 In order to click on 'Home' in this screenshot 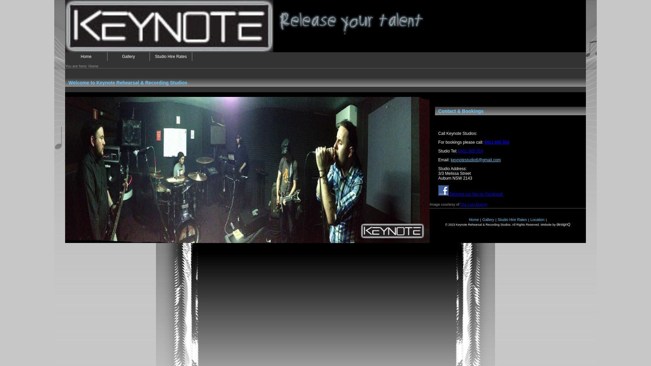, I will do `click(473, 220)`.